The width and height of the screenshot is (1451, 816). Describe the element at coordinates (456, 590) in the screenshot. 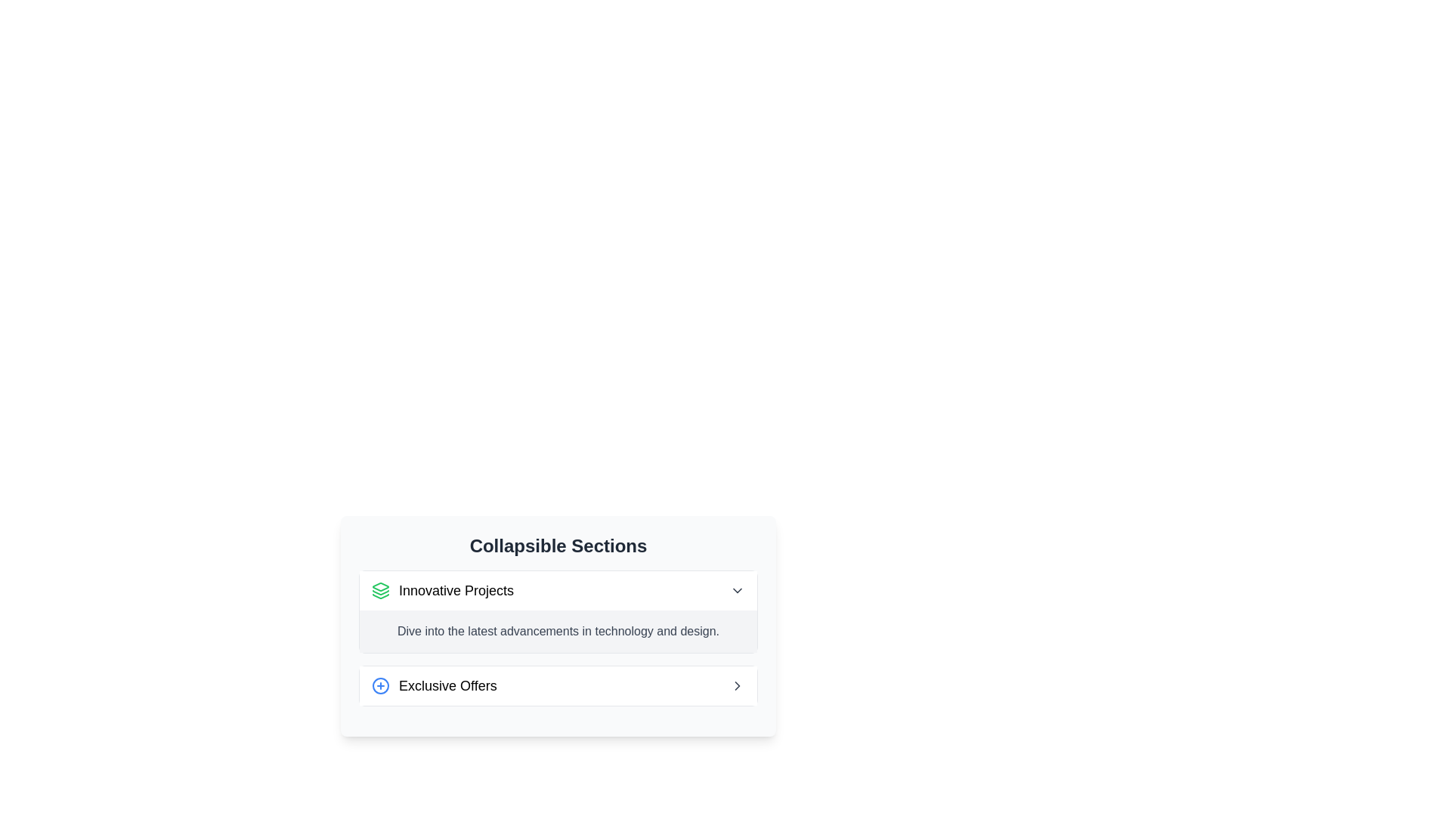

I see `the 'Innovative Projects' text label, which serves as a title for the related section below` at that location.